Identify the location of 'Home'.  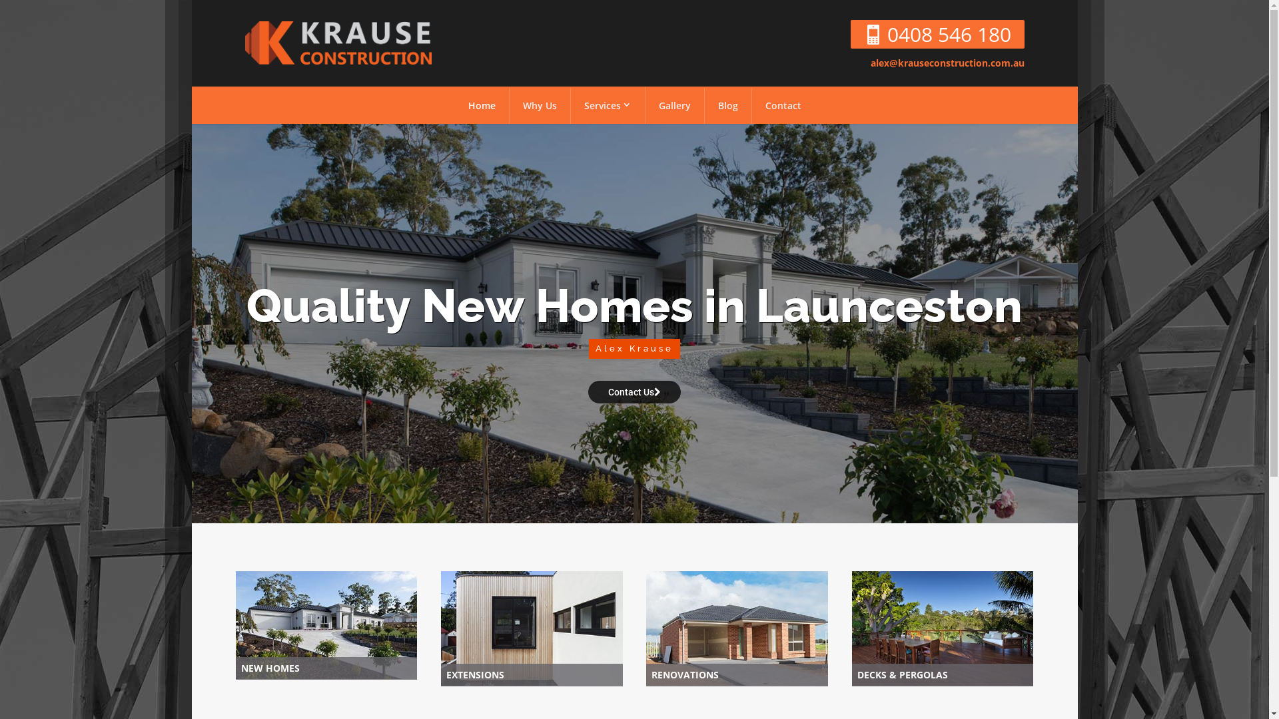
(480, 105).